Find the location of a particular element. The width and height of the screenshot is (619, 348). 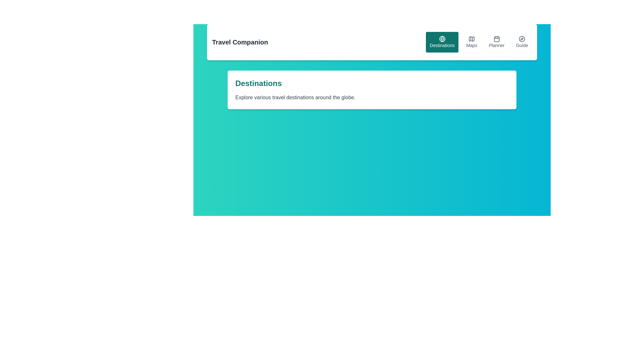

the 'Maps' icon, which appears as a graphical depiction of a map with irregular outlines, located in the navigation bar between the 'Destinations' and 'Planner' icons is located at coordinates (472, 39).